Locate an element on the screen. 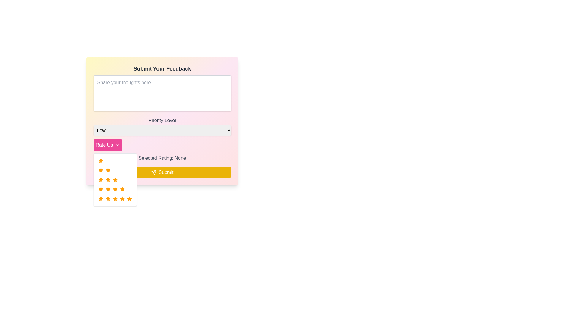  the orange star icon in the third column of the second row of the rating system is located at coordinates (108, 179).